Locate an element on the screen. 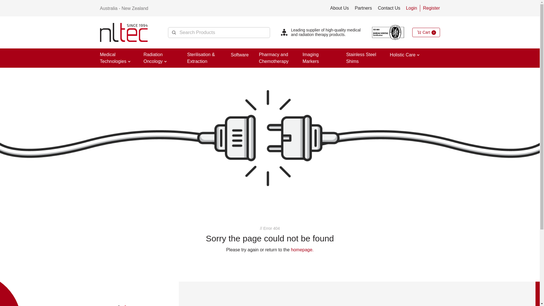 This screenshot has height=306, width=544. 'Holistic Care' is located at coordinates (402, 55).